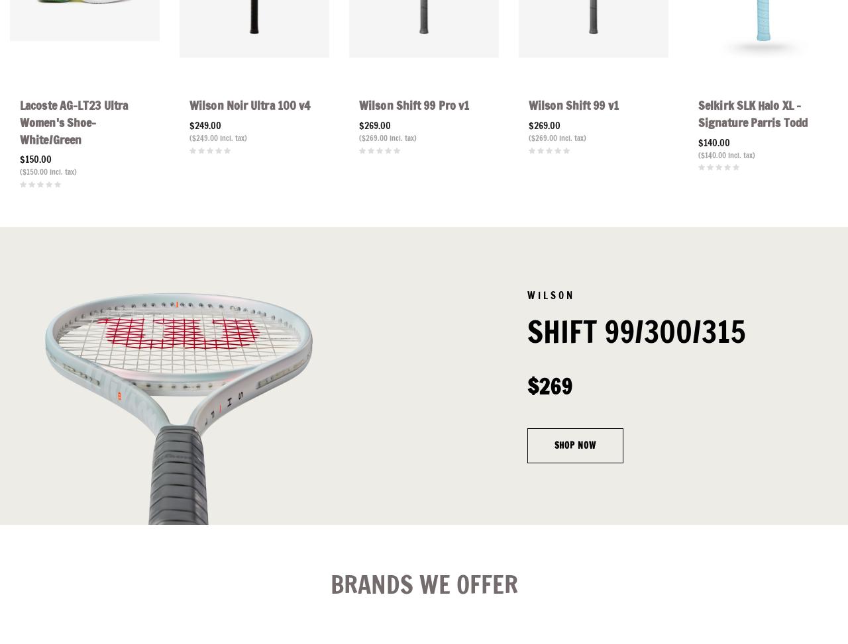 The height and width of the screenshot is (644, 848). What do you see at coordinates (573, 105) in the screenshot?
I see `'Wilson Shift 99 v1'` at bounding box center [573, 105].